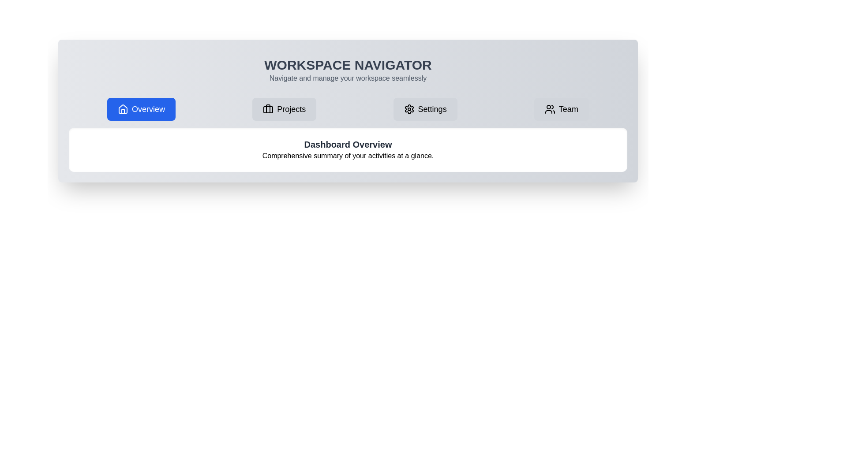 The width and height of the screenshot is (847, 476). Describe the element at coordinates (123, 108) in the screenshot. I see `the 'Overview' button, which contains the house icon` at that location.